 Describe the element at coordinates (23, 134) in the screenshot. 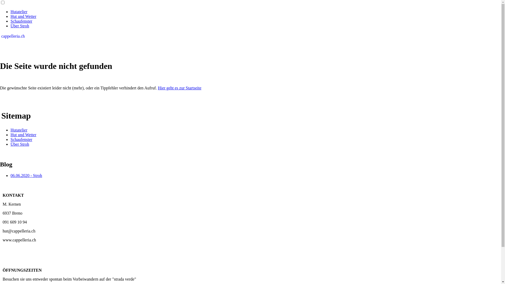

I see `'Hut und Wetter'` at that location.